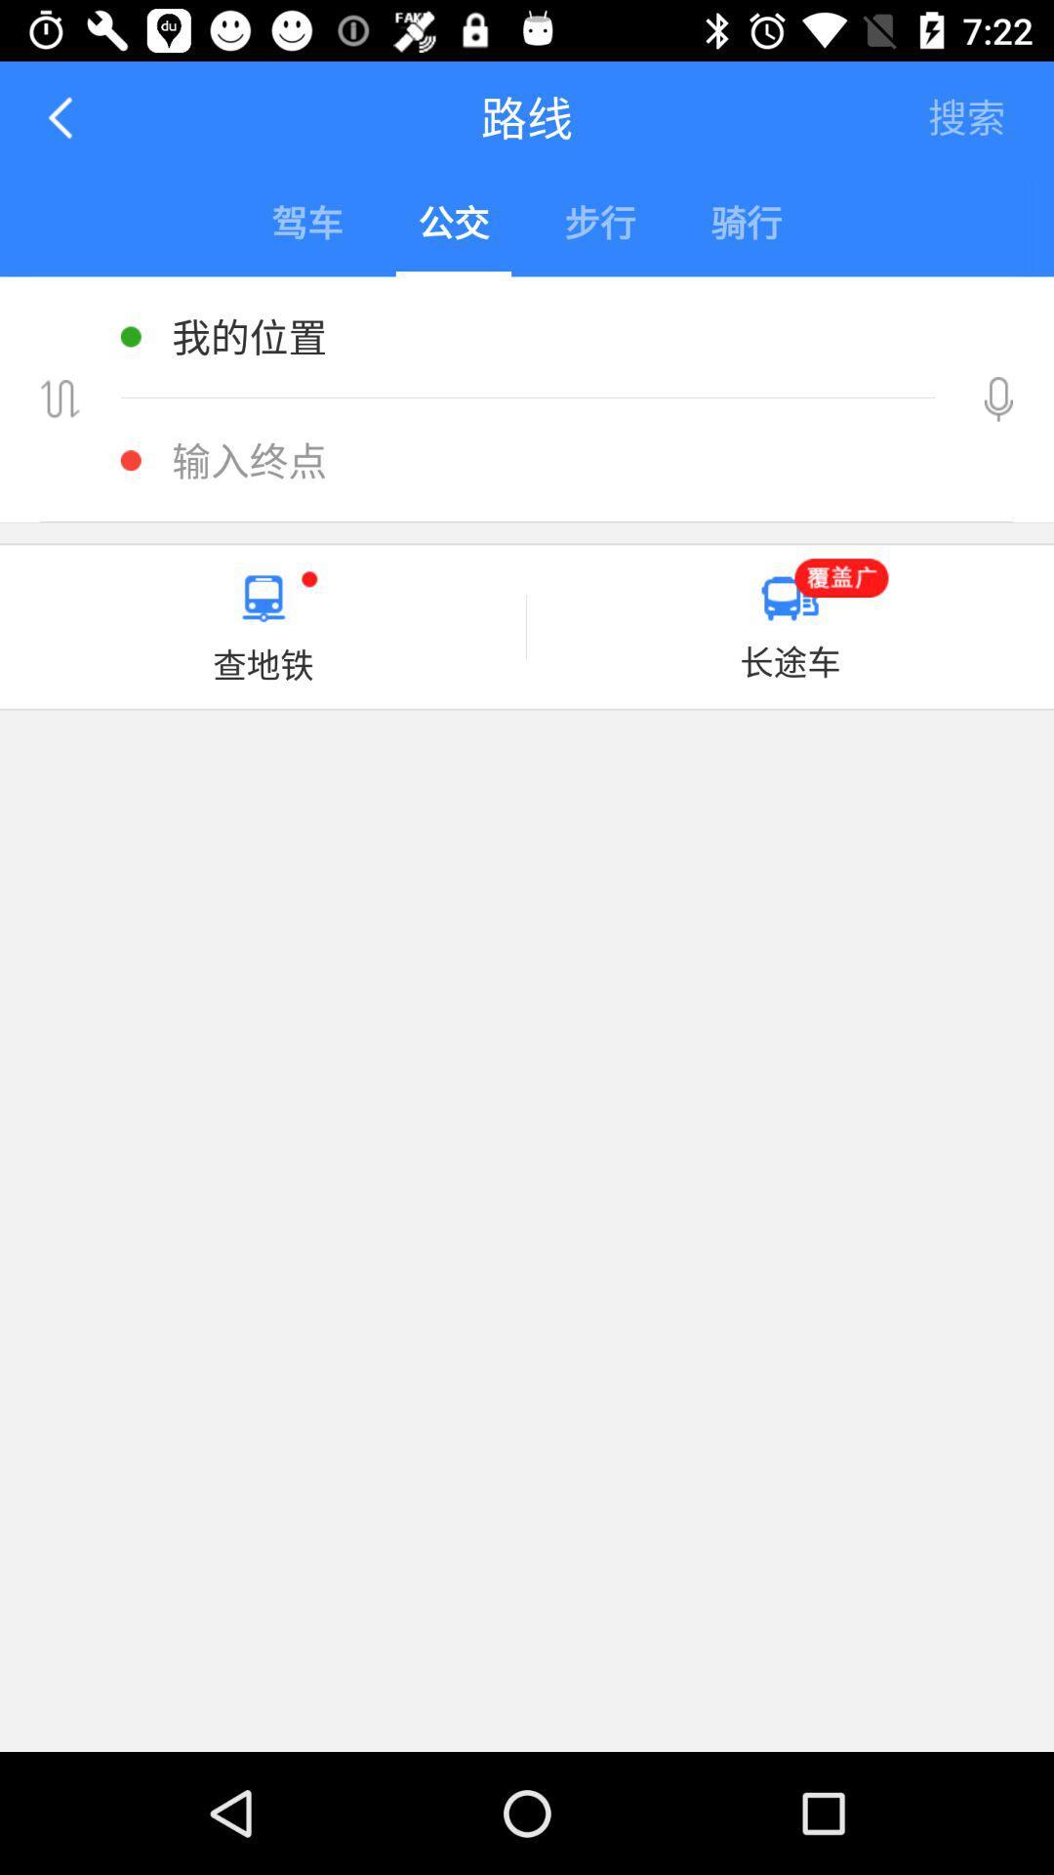 This screenshot has width=1054, height=1875. I want to click on the blue colour bus symbol, so click(789, 598).